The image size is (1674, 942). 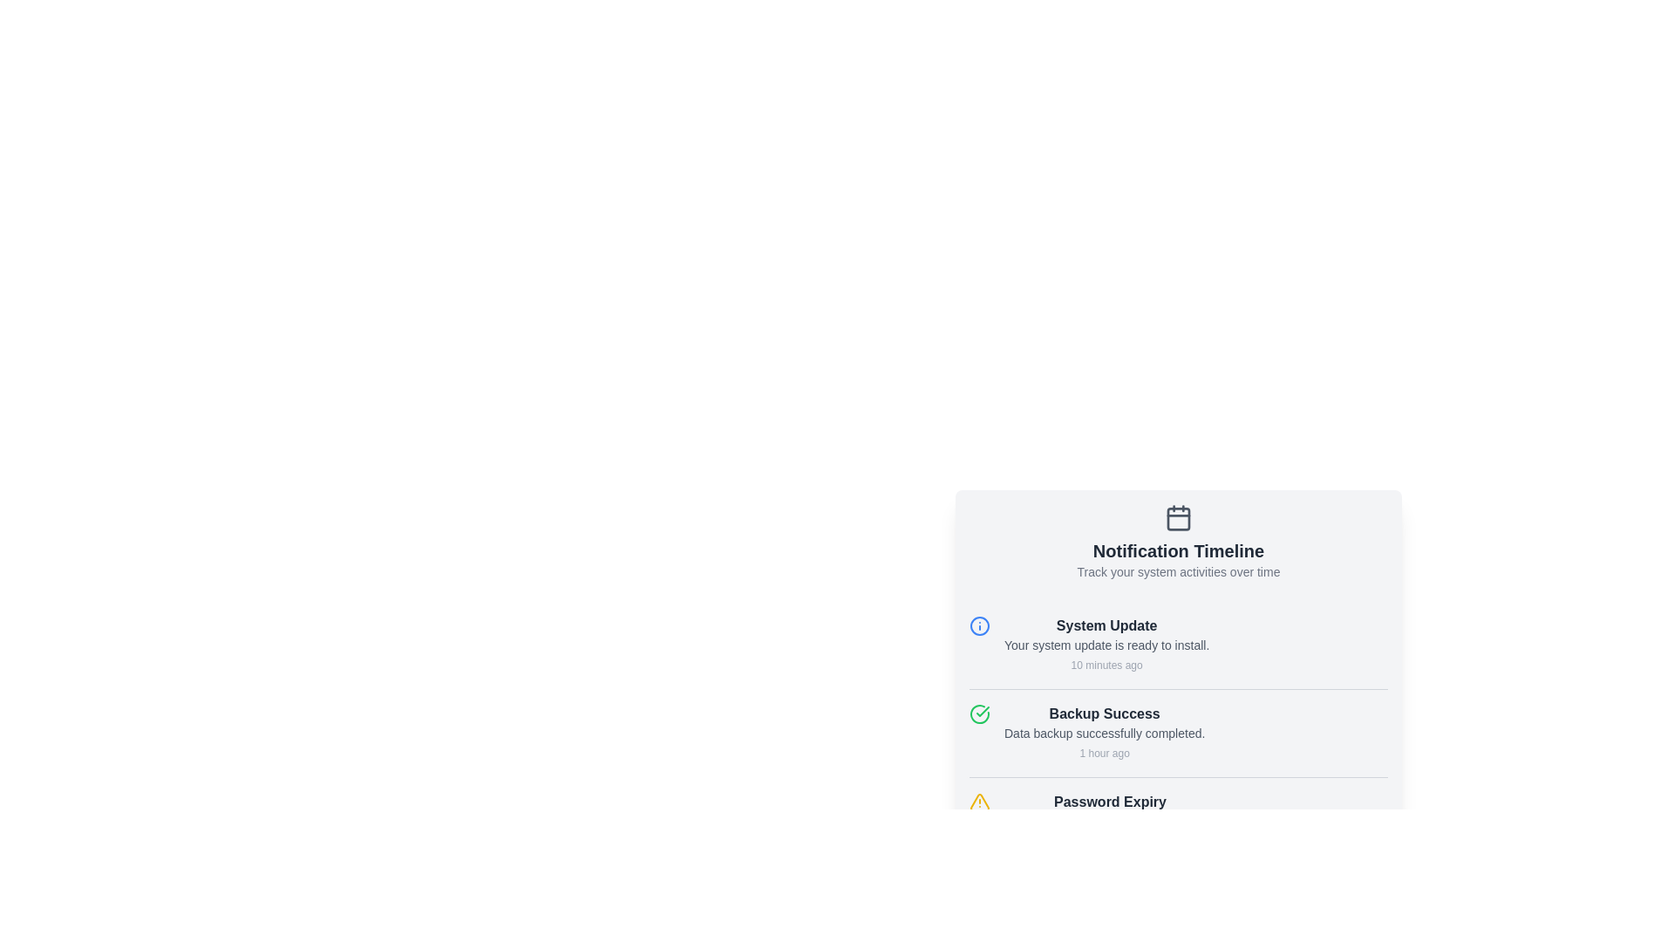 What do you see at coordinates (1106, 666) in the screenshot?
I see `the static text label that indicates the elapsed time since the 'System Update' notification was generated, positioned below 'Your system update is ready to install.'` at bounding box center [1106, 666].